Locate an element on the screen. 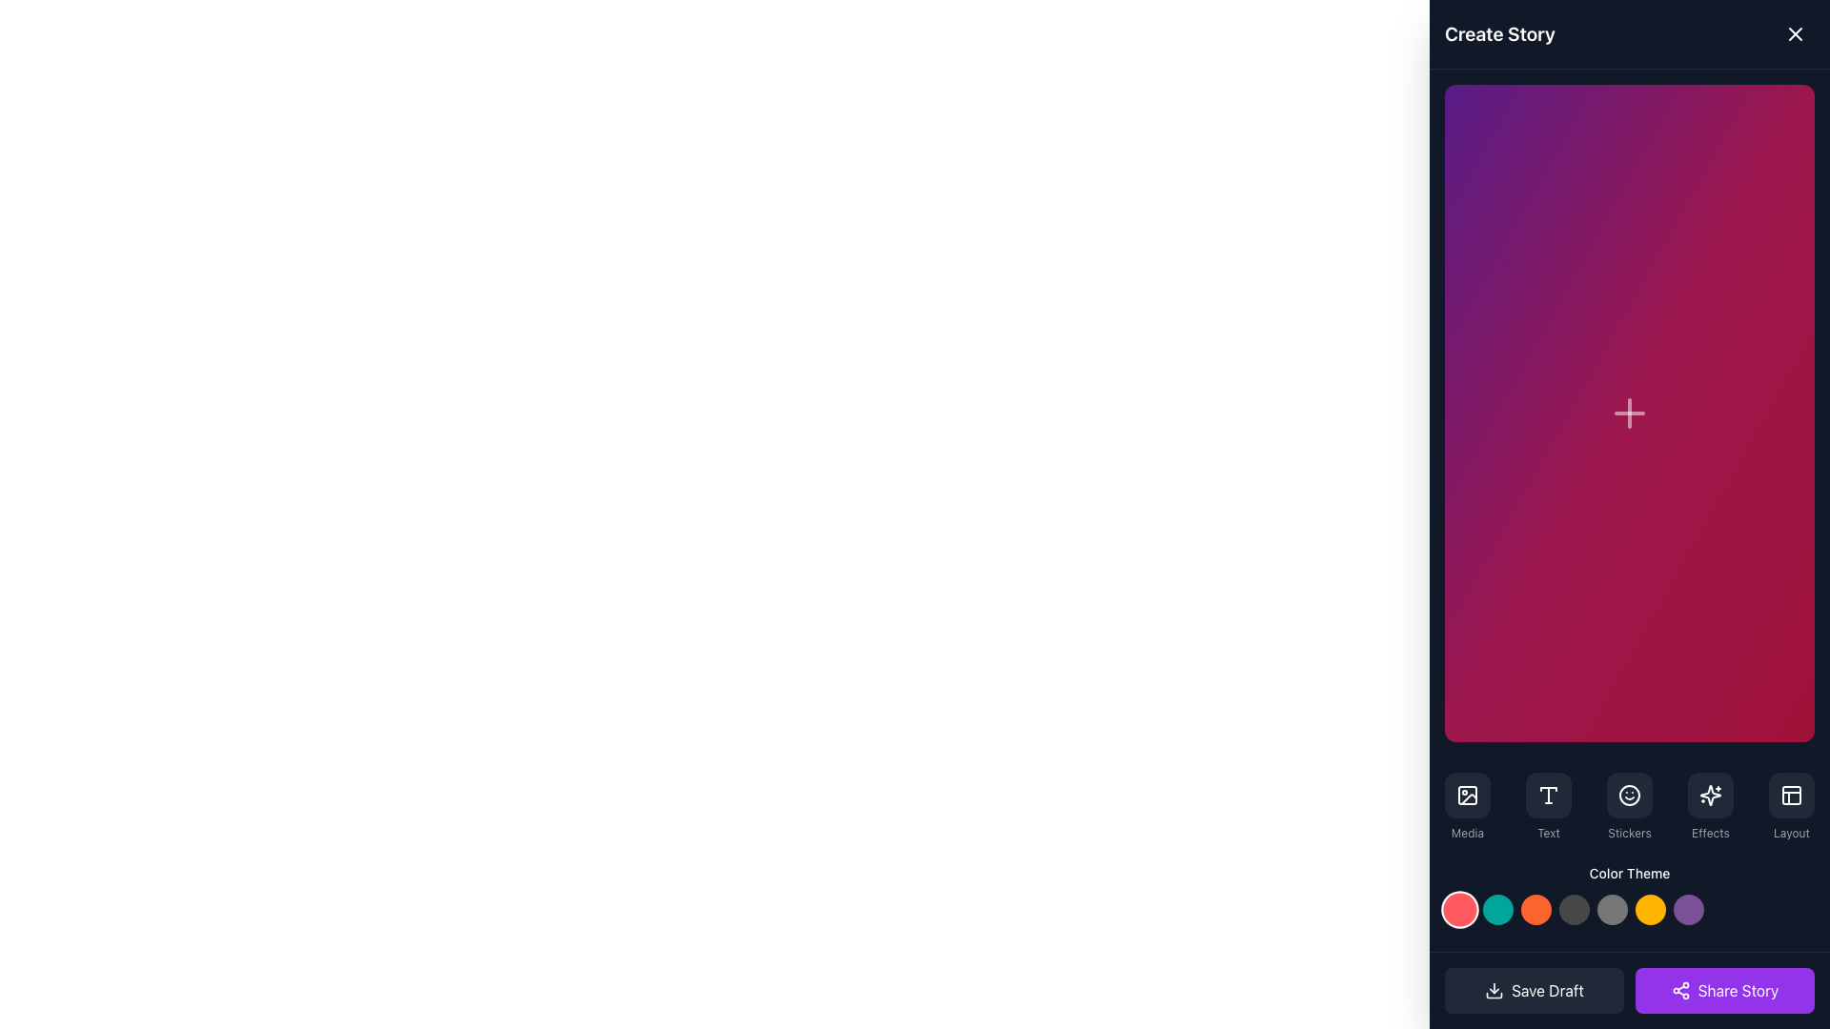  the media button represented by an icon with a picture frame design located in the bottom toolbar of the interface is located at coordinates (1467, 794).